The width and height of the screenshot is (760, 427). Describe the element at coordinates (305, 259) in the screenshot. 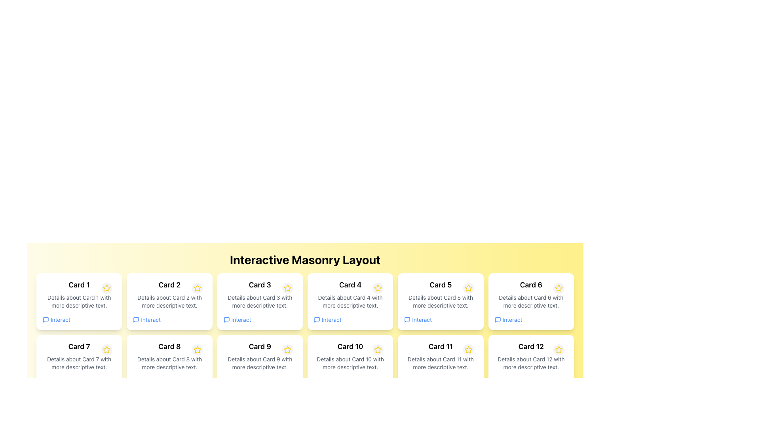

I see `the bold heading text 'Interactive Masonry Layout' which is centered at the top of the grid layout interface` at that location.